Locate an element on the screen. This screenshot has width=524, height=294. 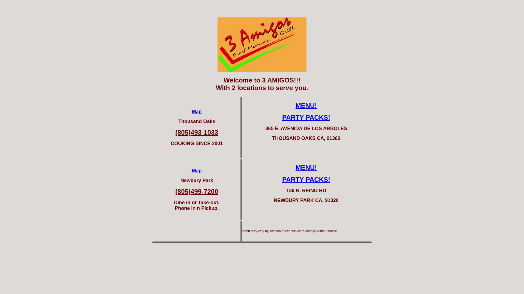
'MENU!' is located at coordinates (295, 105).